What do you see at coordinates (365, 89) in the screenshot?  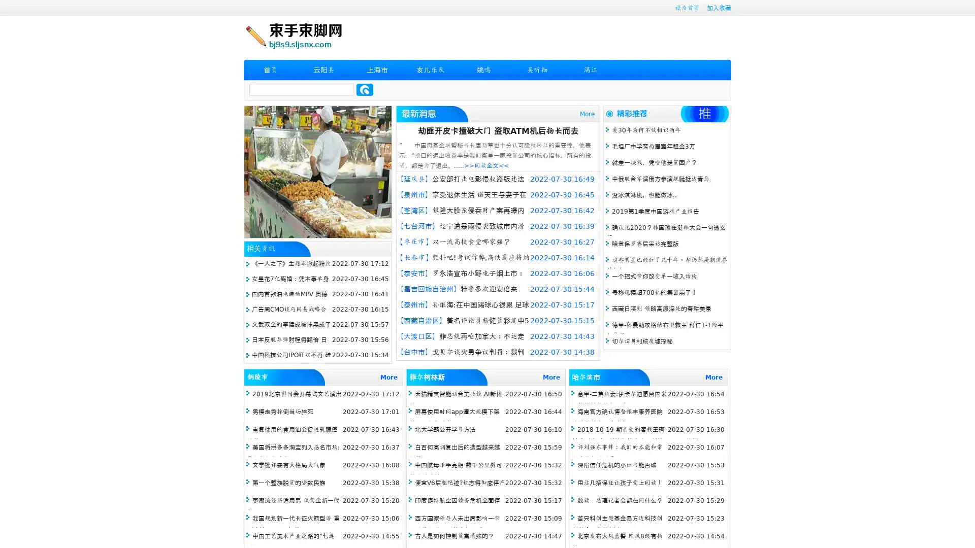 I see `Search` at bounding box center [365, 89].